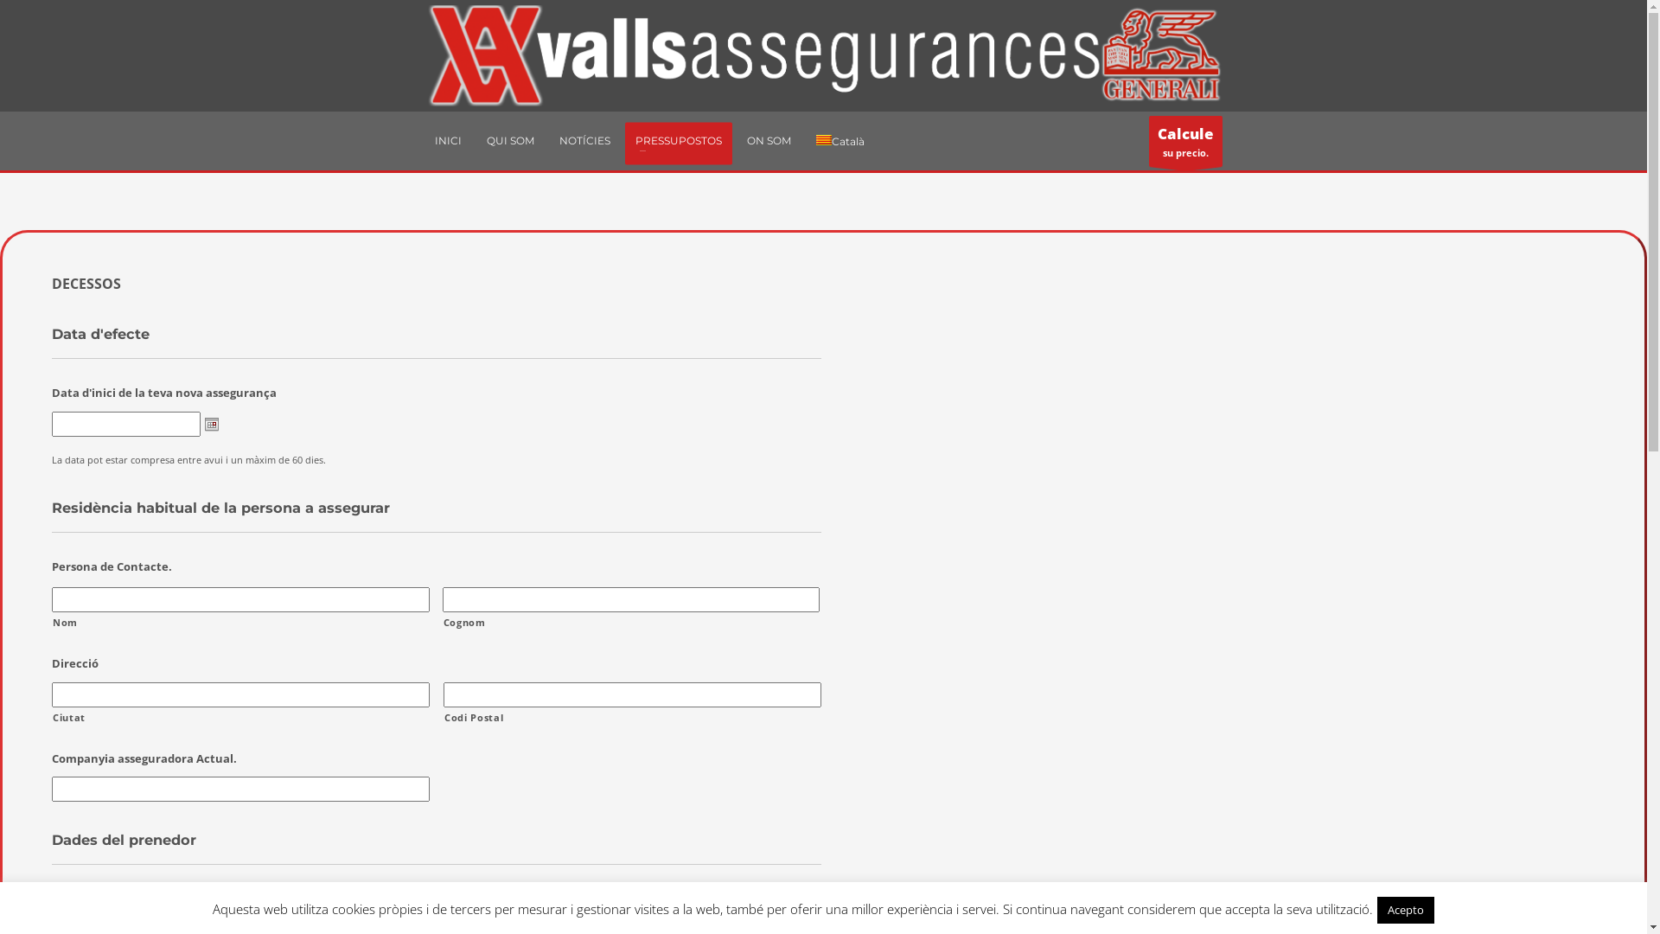 The height and width of the screenshot is (934, 1660). I want to click on 'PRESSUPOSTOS', so click(678, 139).